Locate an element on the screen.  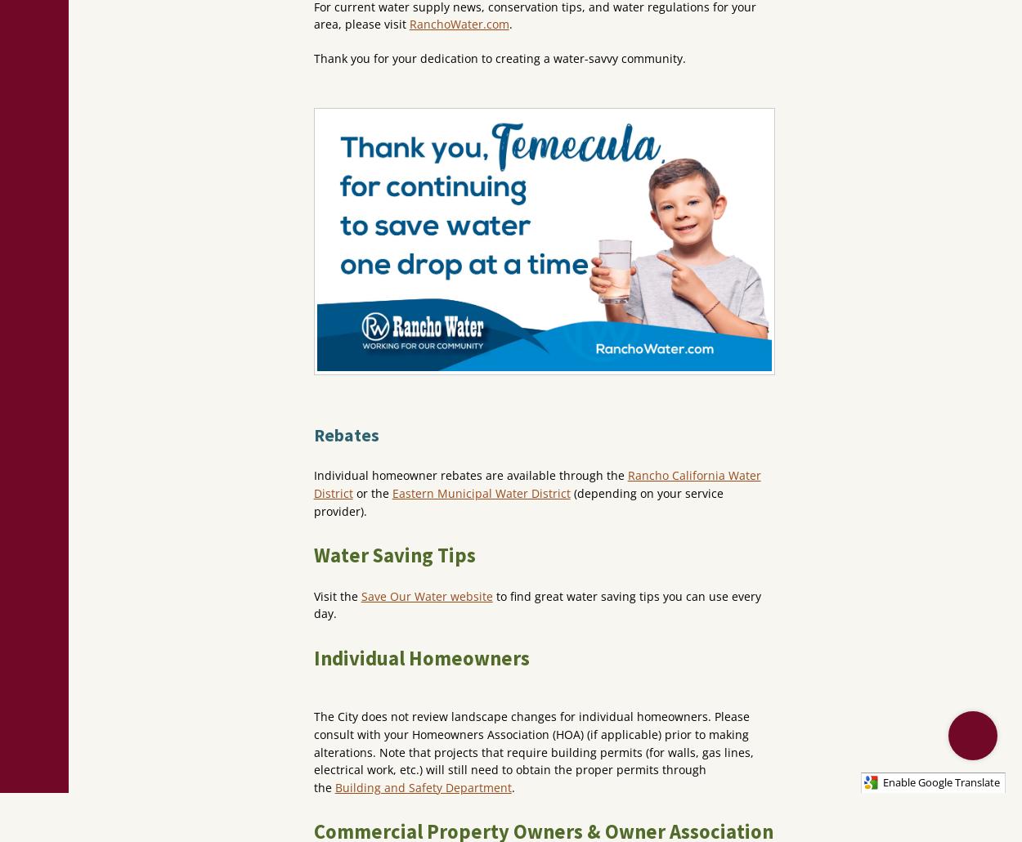
'The City does not review landscape changes for individual homeowners. Please consult with your Homeowners Association (HOA) (if applicable) prior to making alterations. Note that projects that require building permits (for walls, gas lines, electrical work, etc.) will still need to obtain the proper permits through the' is located at coordinates (532, 751).